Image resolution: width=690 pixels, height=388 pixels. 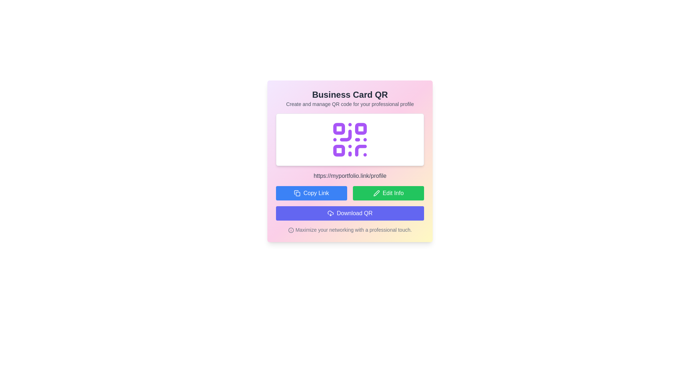 What do you see at coordinates (297, 193) in the screenshot?
I see `the small icon resembling two overlapping squares with a blue background, which is part of the 'Copy Link' button located in the middle of the interface below the QR code link` at bounding box center [297, 193].